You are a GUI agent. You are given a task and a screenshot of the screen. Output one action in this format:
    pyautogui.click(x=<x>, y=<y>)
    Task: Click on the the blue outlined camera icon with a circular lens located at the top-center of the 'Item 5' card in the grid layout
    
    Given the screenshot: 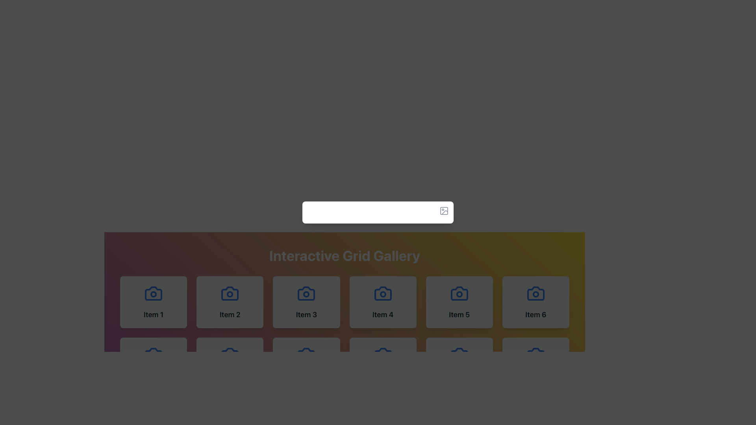 What is the action you would take?
    pyautogui.click(x=459, y=293)
    